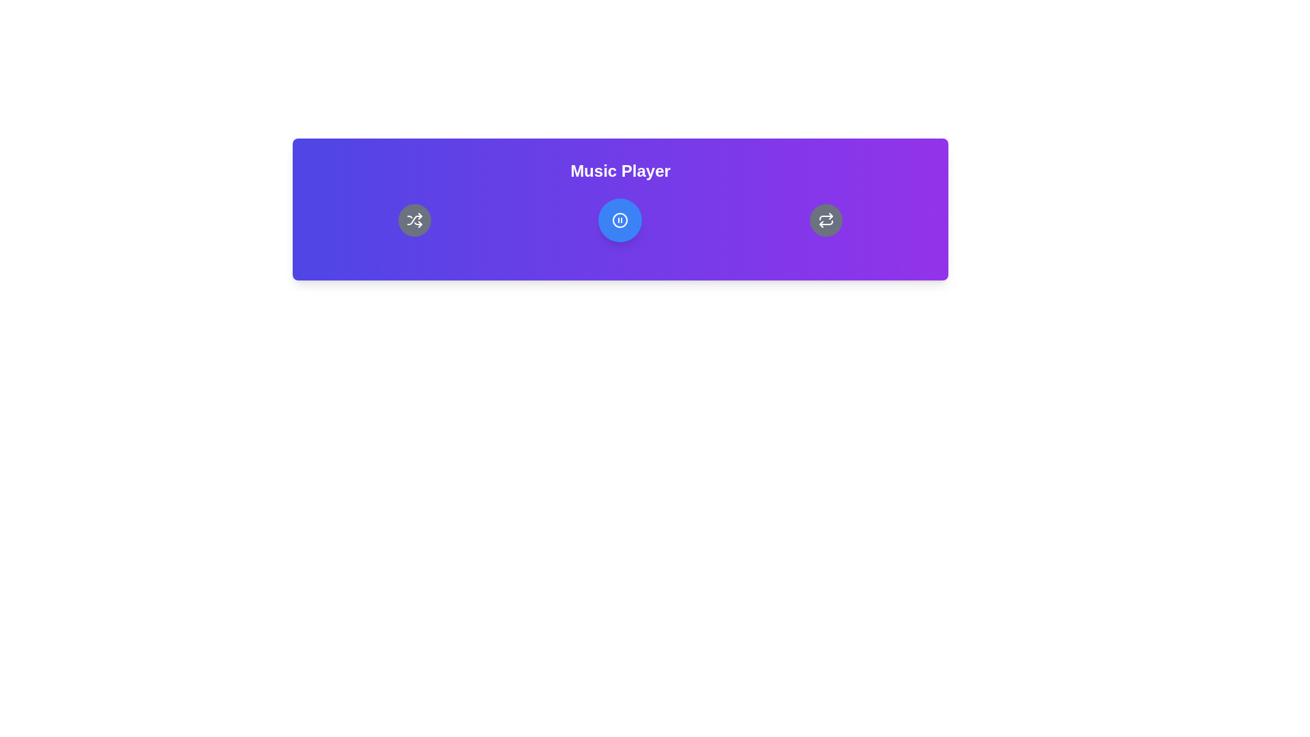 The height and width of the screenshot is (737, 1310). What do you see at coordinates (620, 220) in the screenshot?
I see `the pause button icon` at bounding box center [620, 220].